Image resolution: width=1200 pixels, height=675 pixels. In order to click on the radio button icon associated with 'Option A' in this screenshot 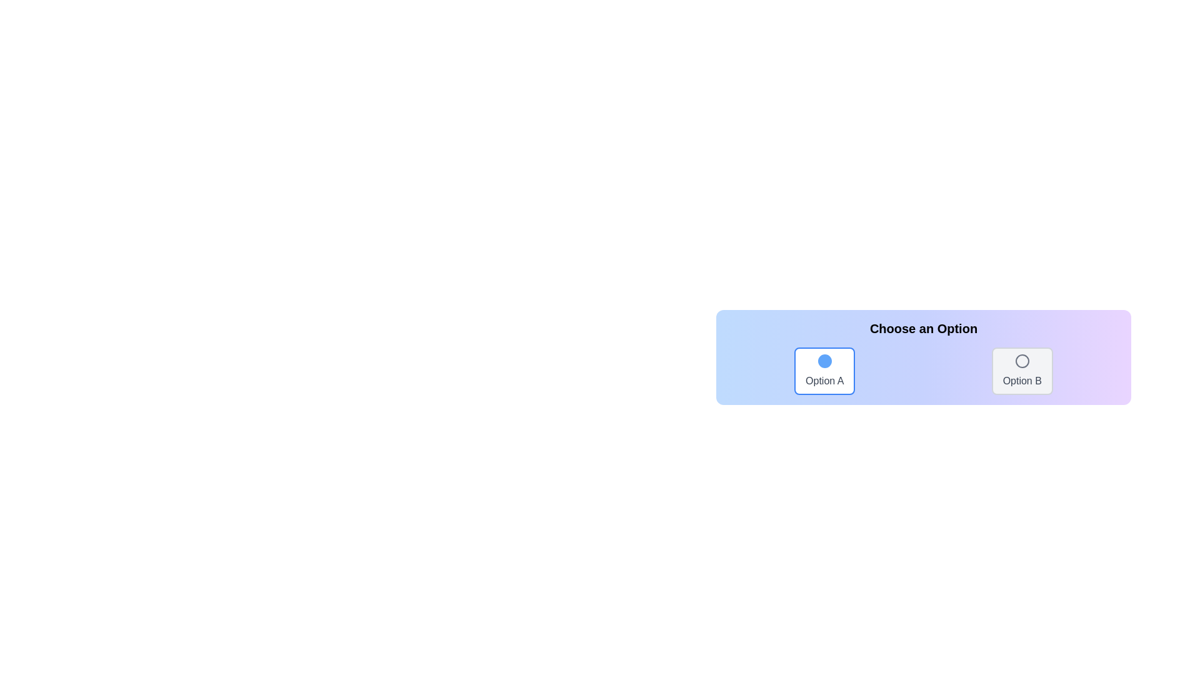, I will do `click(824, 361)`.